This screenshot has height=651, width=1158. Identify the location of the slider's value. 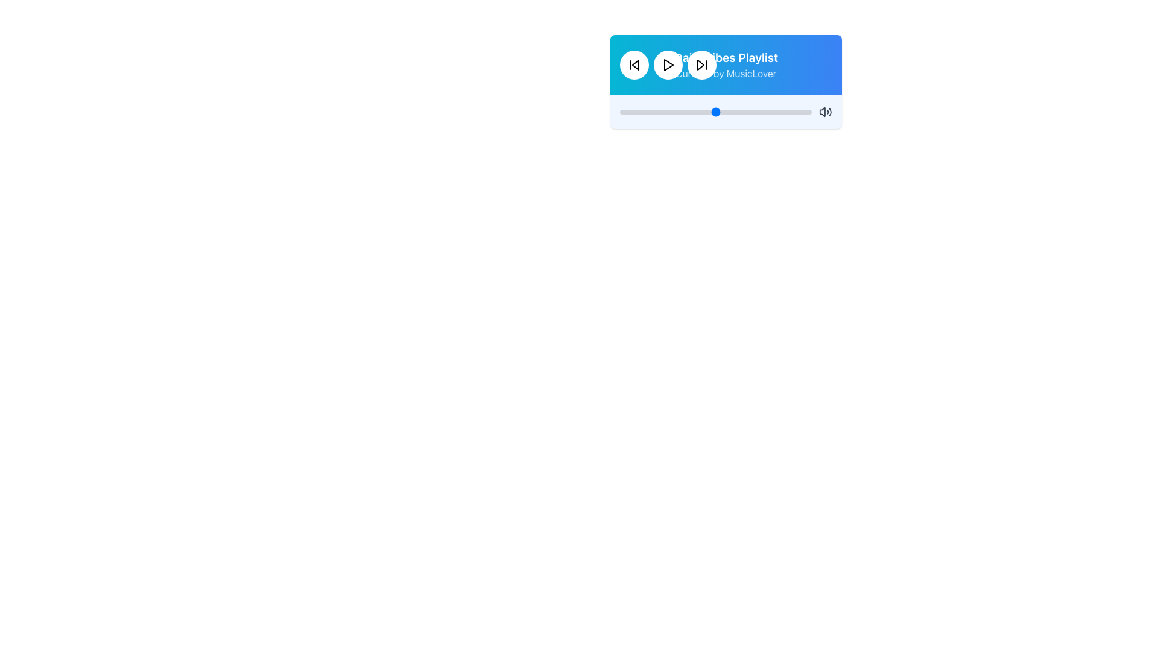
(794, 109).